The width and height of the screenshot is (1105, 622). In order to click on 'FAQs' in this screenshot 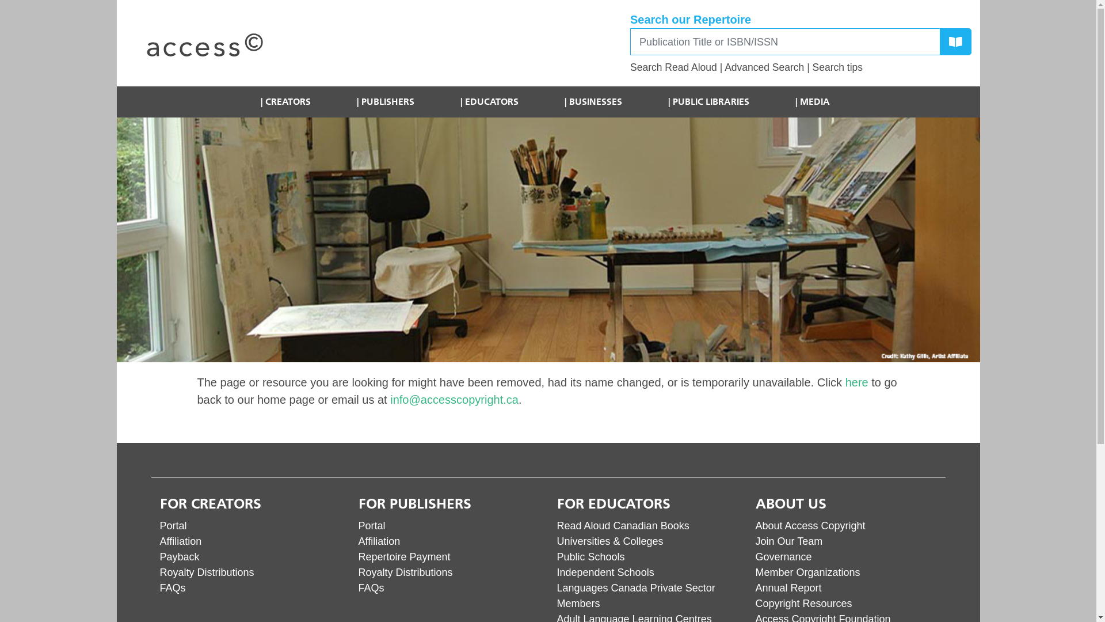, I will do `click(371, 588)`.